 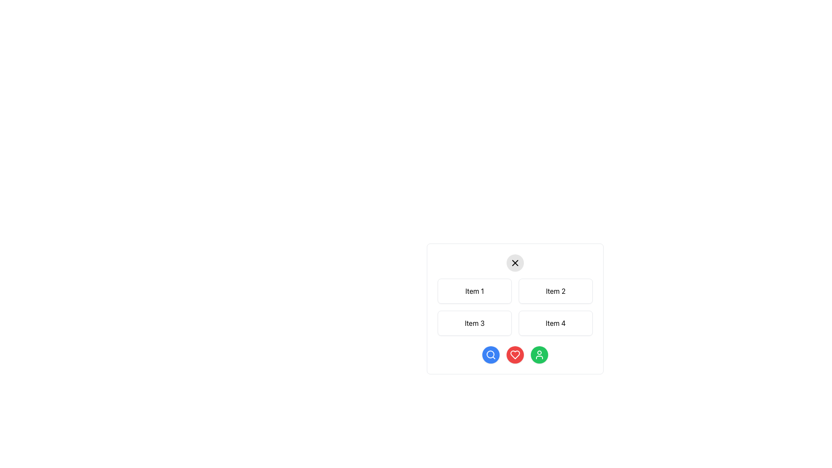 I want to click on the search button located inside the blue circular button at the bottom-left of the row of three action buttons to initiate the search functionality, so click(x=491, y=354).